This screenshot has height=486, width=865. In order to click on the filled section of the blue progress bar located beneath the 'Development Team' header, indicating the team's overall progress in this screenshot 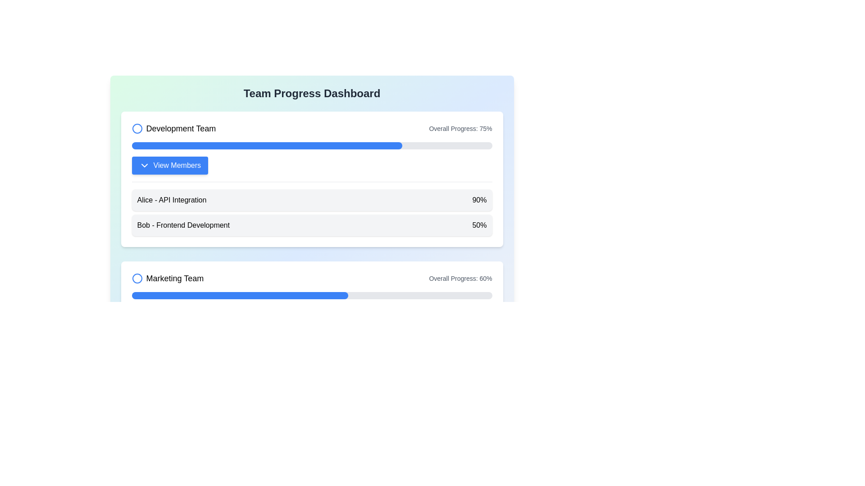, I will do `click(266, 145)`.